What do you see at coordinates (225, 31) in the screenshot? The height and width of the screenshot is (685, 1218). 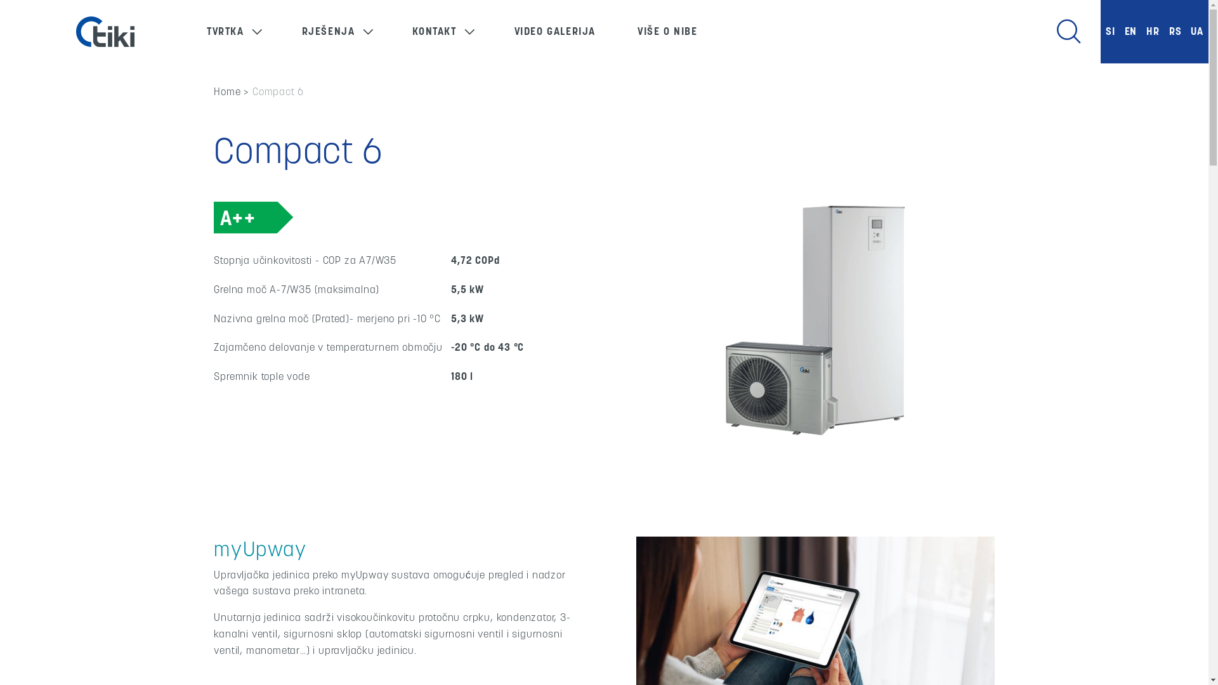 I see `'TVRTKA'` at bounding box center [225, 31].